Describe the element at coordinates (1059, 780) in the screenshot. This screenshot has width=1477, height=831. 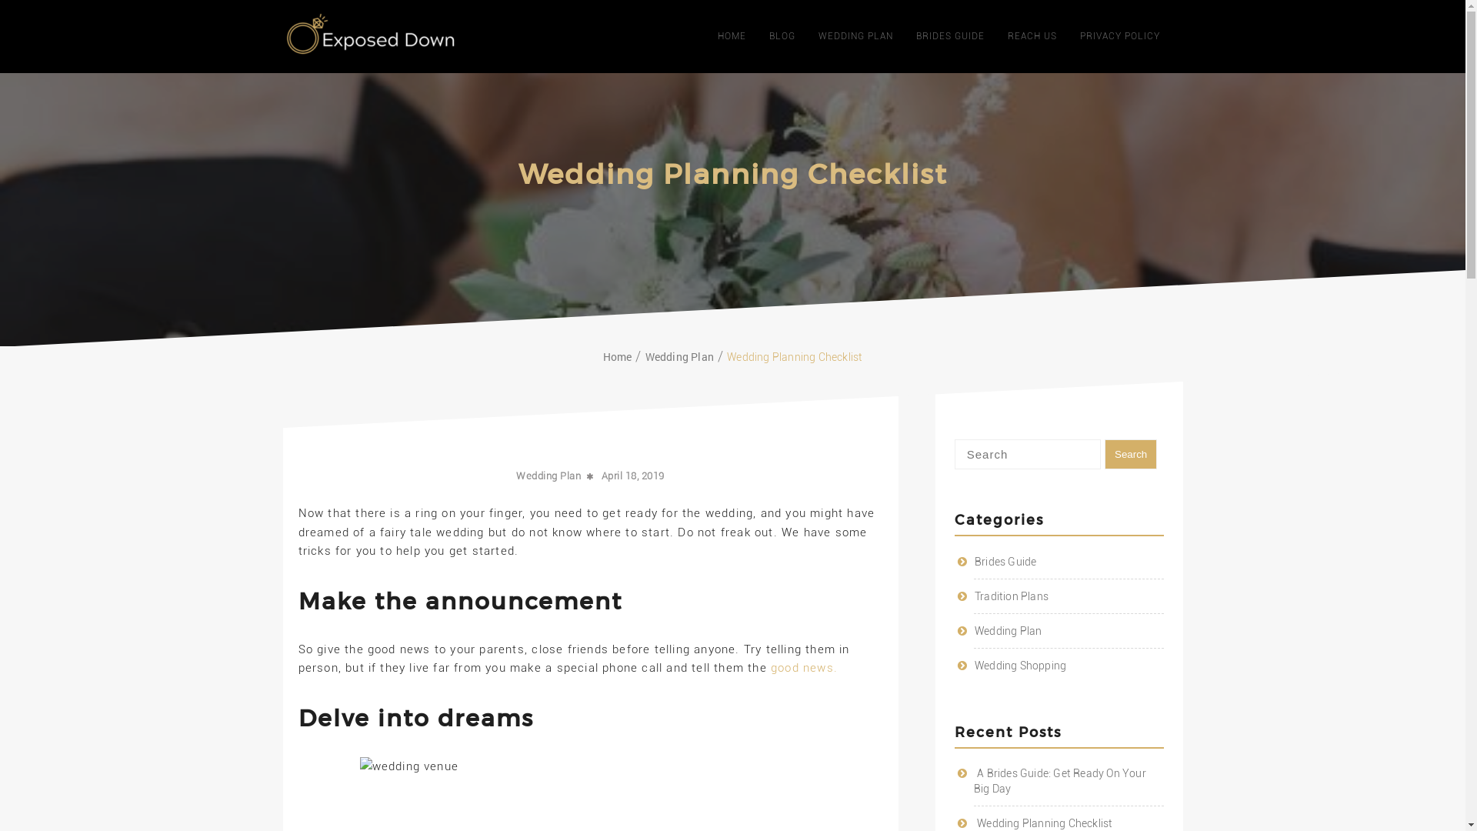
I see `'A Brides Guide: Get Ready On Your Big Day'` at that location.